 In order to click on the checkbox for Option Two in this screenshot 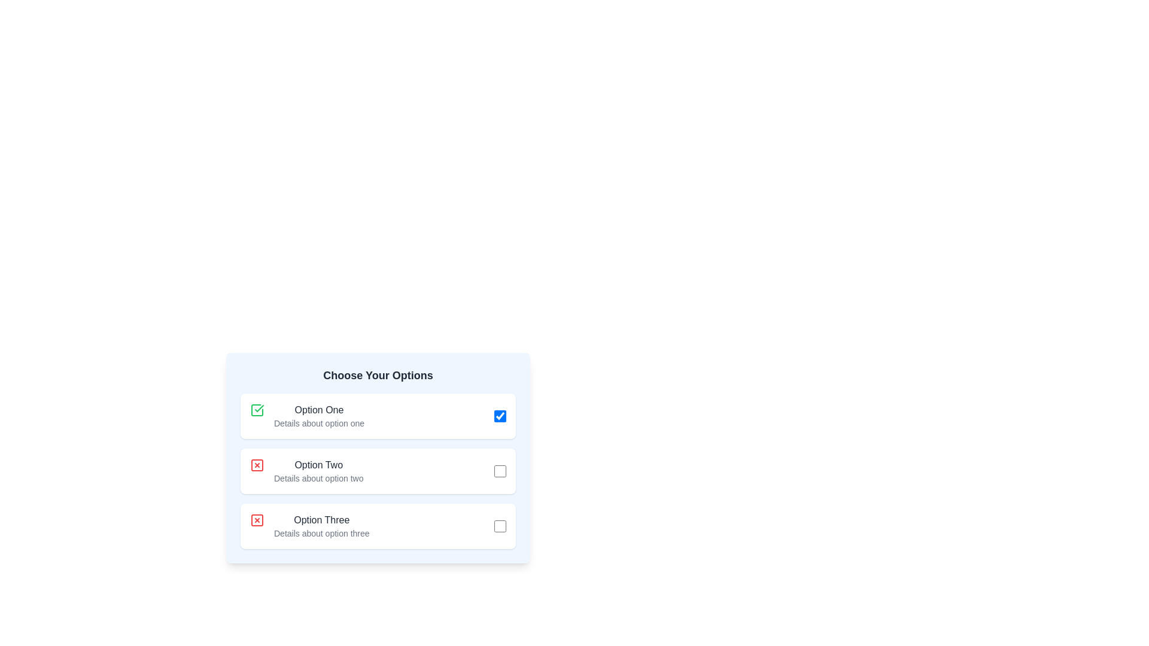, I will do `click(500, 470)`.